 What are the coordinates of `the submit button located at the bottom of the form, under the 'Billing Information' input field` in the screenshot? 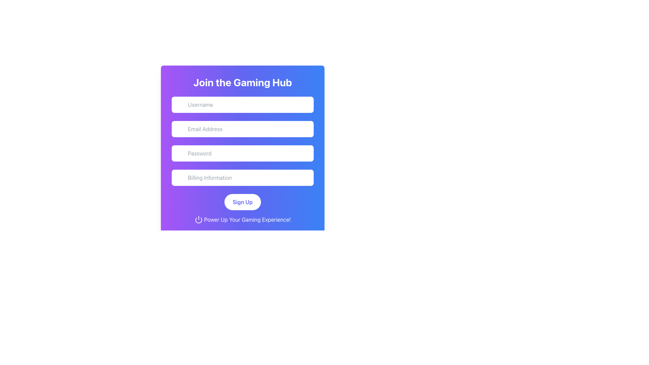 It's located at (243, 201).